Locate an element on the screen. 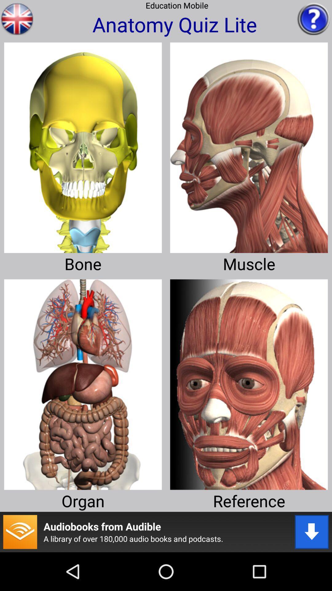 This screenshot has width=332, height=591. learn about muscle is located at coordinates (249, 145).